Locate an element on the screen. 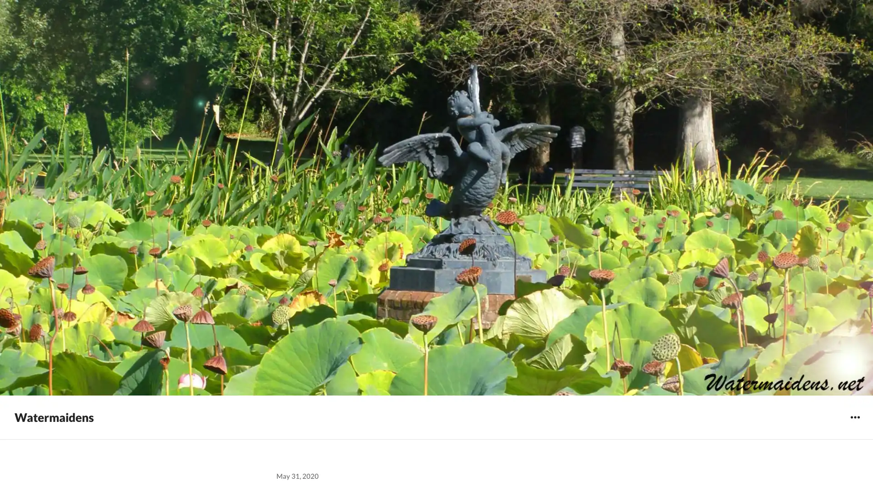  WIDGETS is located at coordinates (854, 417).